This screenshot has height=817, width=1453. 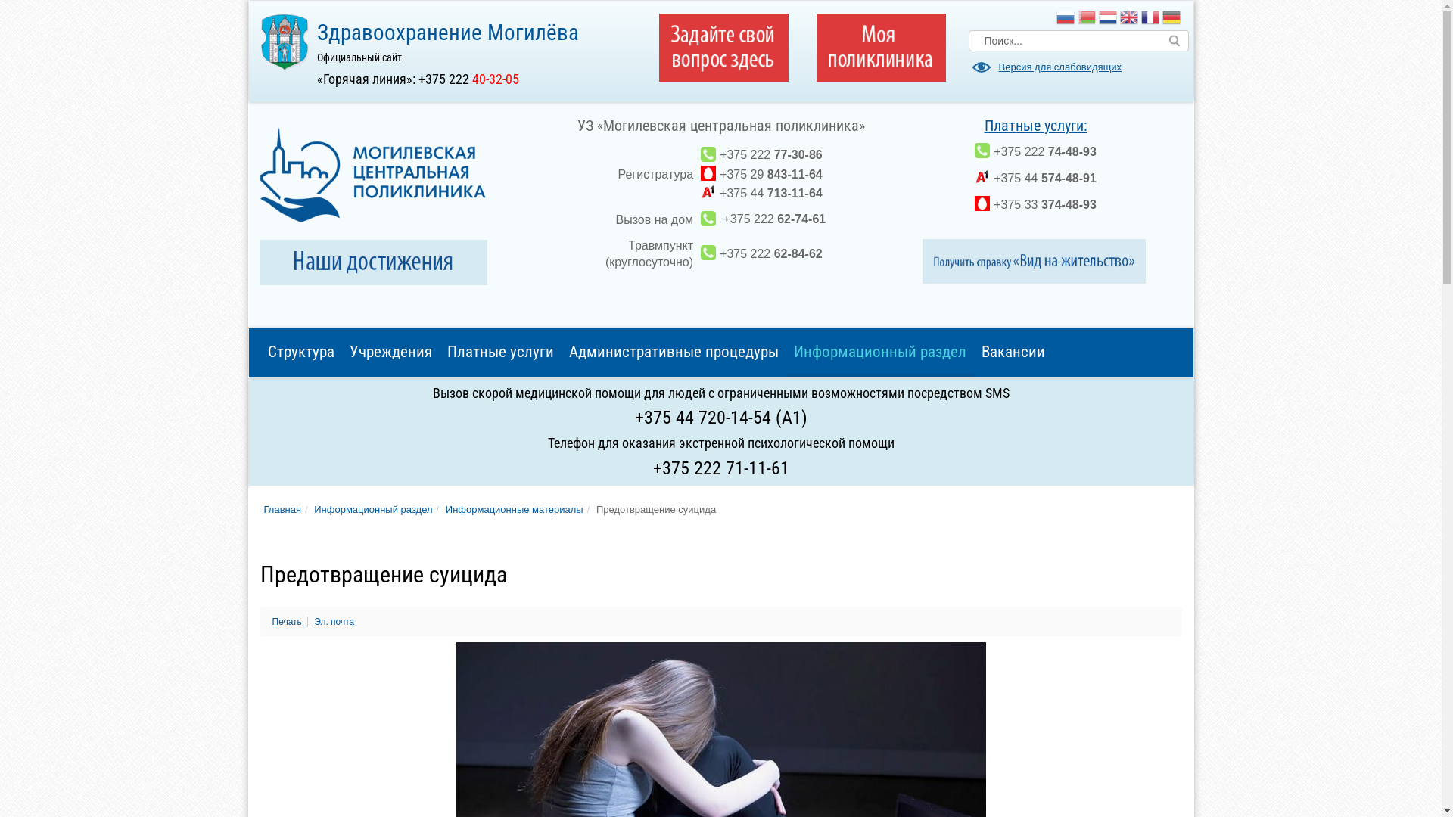 What do you see at coordinates (1129, 17) in the screenshot?
I see `'English'` at bounding box center [1129, 17].